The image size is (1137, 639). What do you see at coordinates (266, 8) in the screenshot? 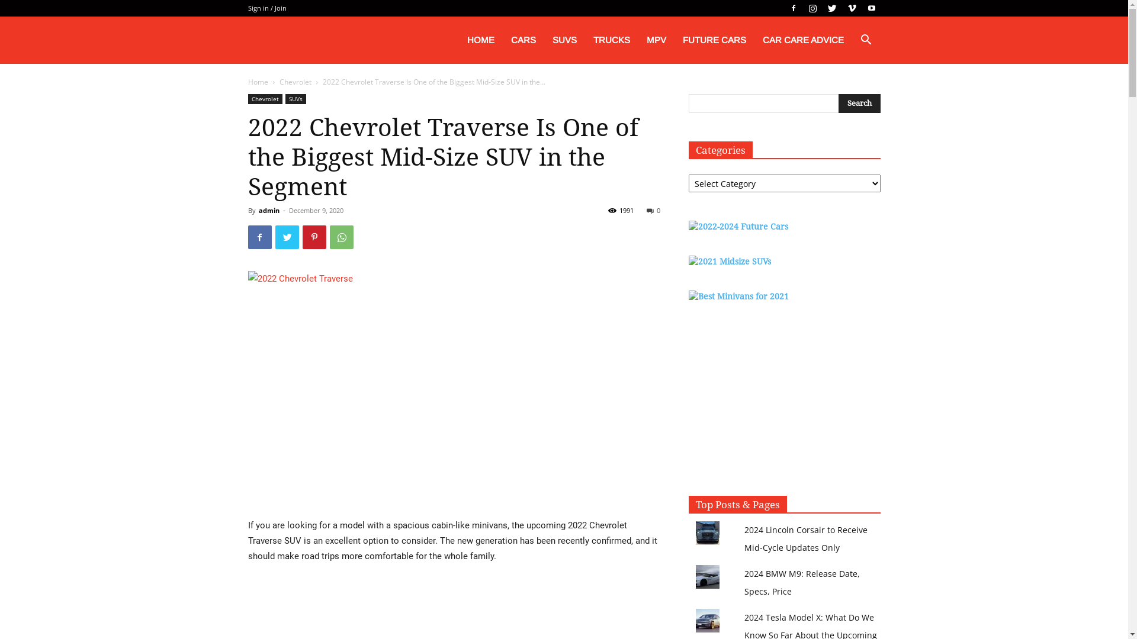
I see `'Sign in / Join'` at bounding box center [266, 8].